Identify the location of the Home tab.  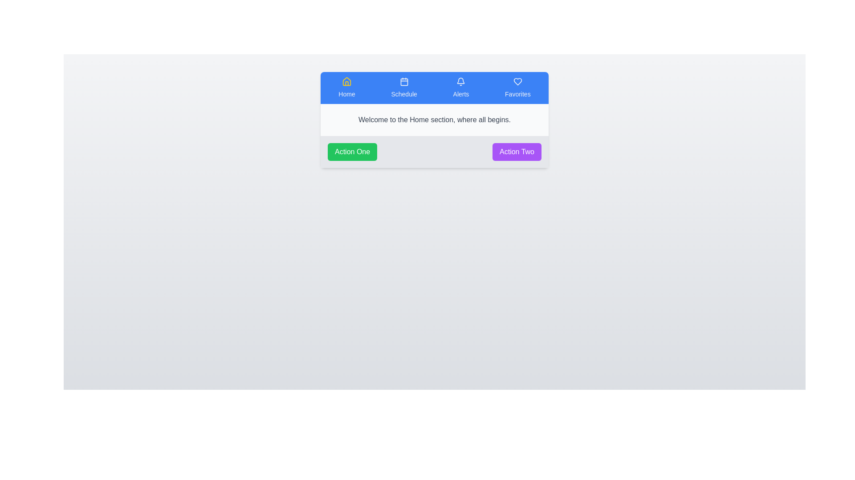
(346, 88).